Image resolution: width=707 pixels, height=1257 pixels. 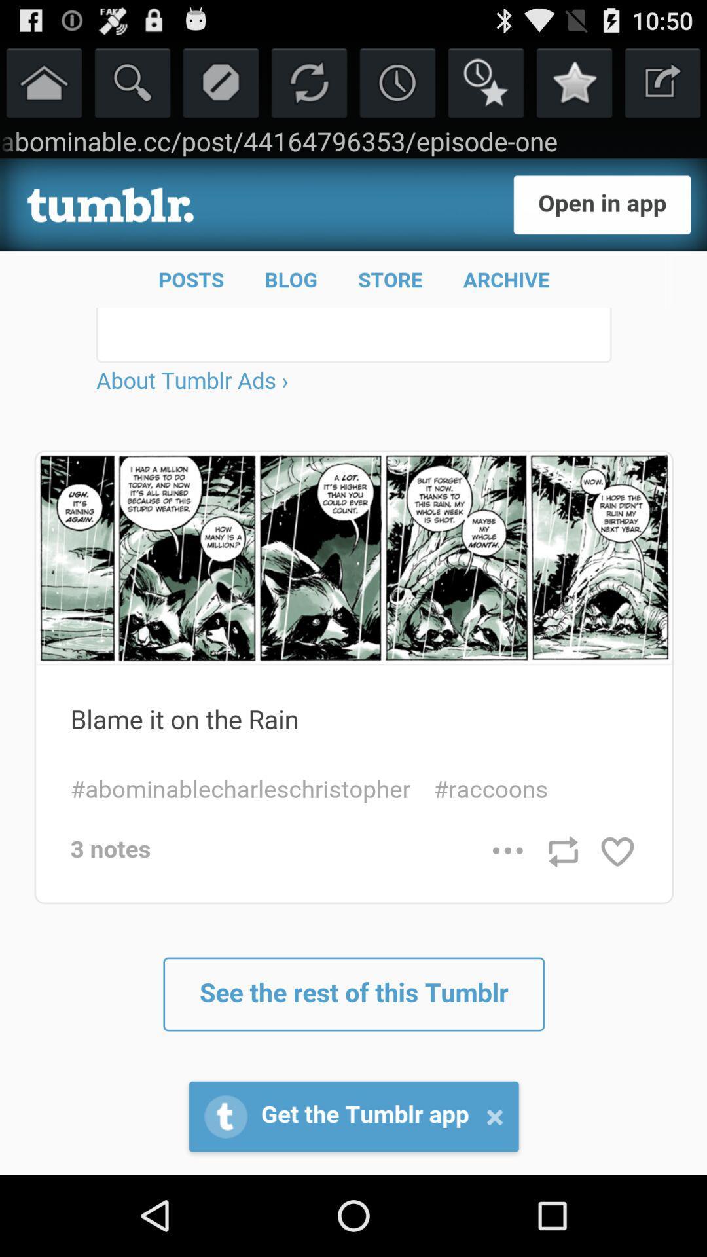 What do you see at coordinates (662, 81) in the screenshot?
I see `open in different tab` at bounding box center [662, 81].